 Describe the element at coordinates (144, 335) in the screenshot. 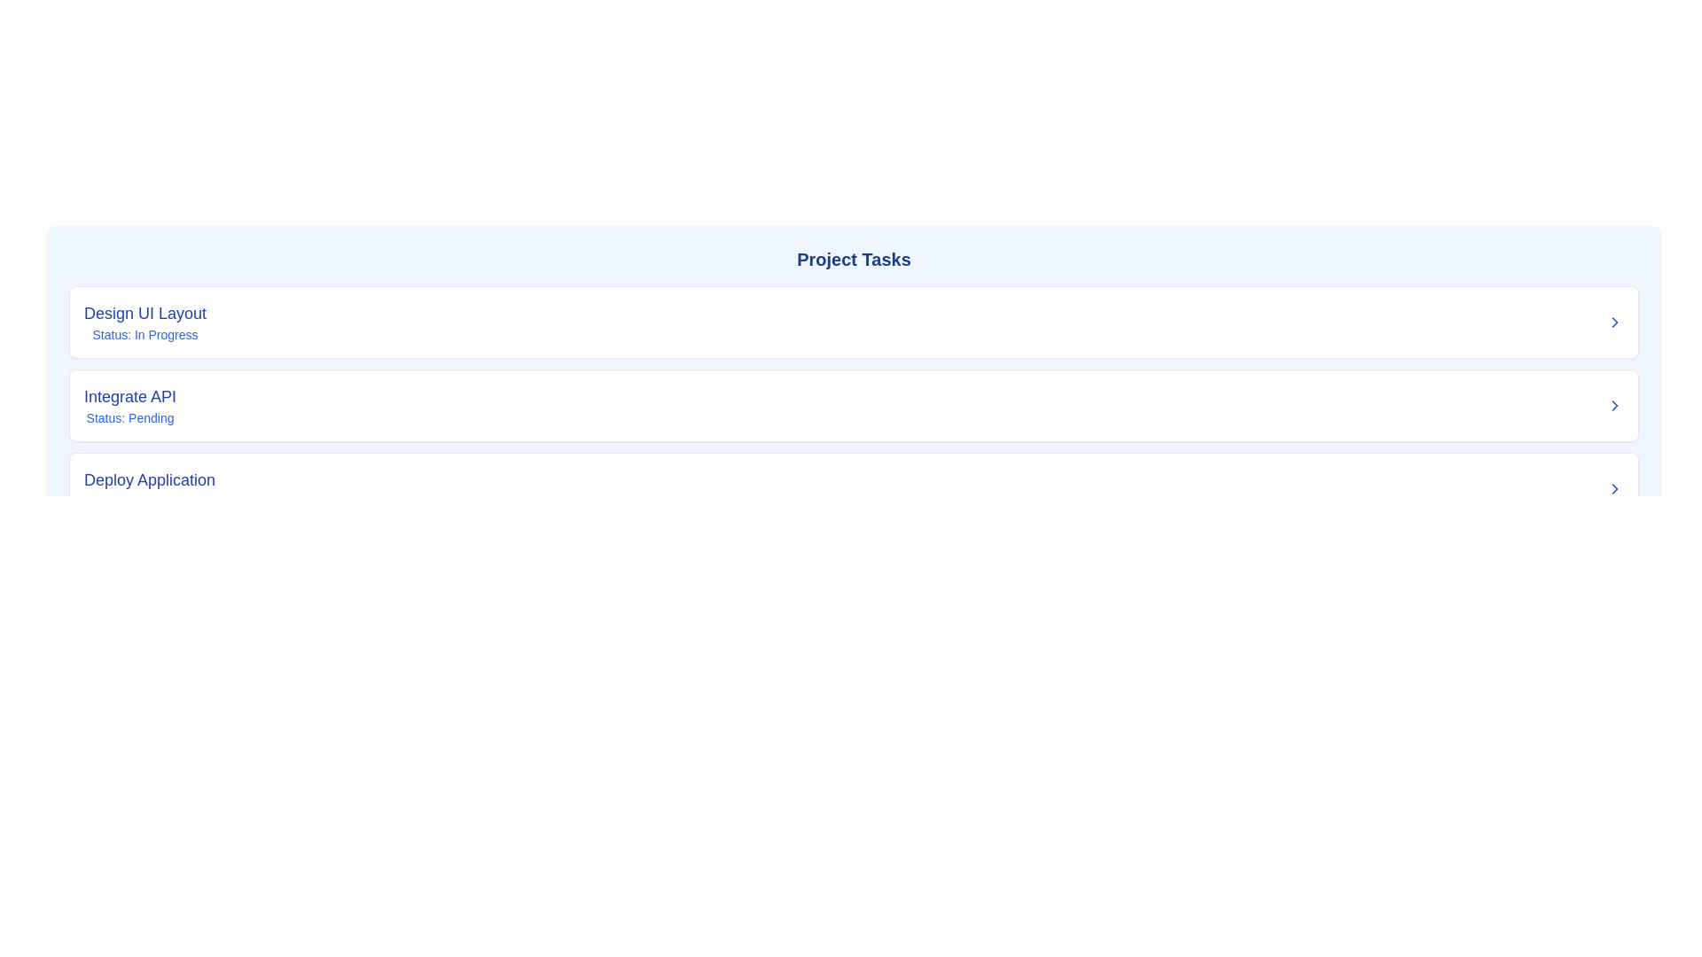

I see `the small text label displaying 'Status: In Progress', which is located below the 'Design UI Layout' title in the task card` at that location.